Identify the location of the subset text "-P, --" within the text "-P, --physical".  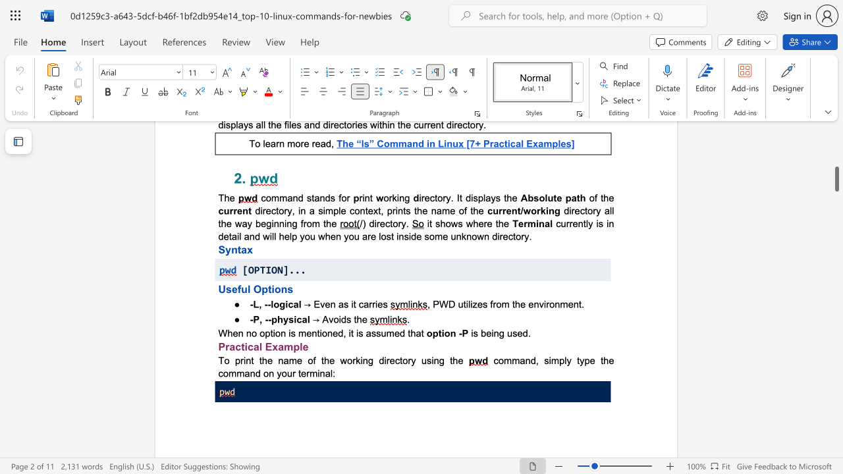
(250, 319).